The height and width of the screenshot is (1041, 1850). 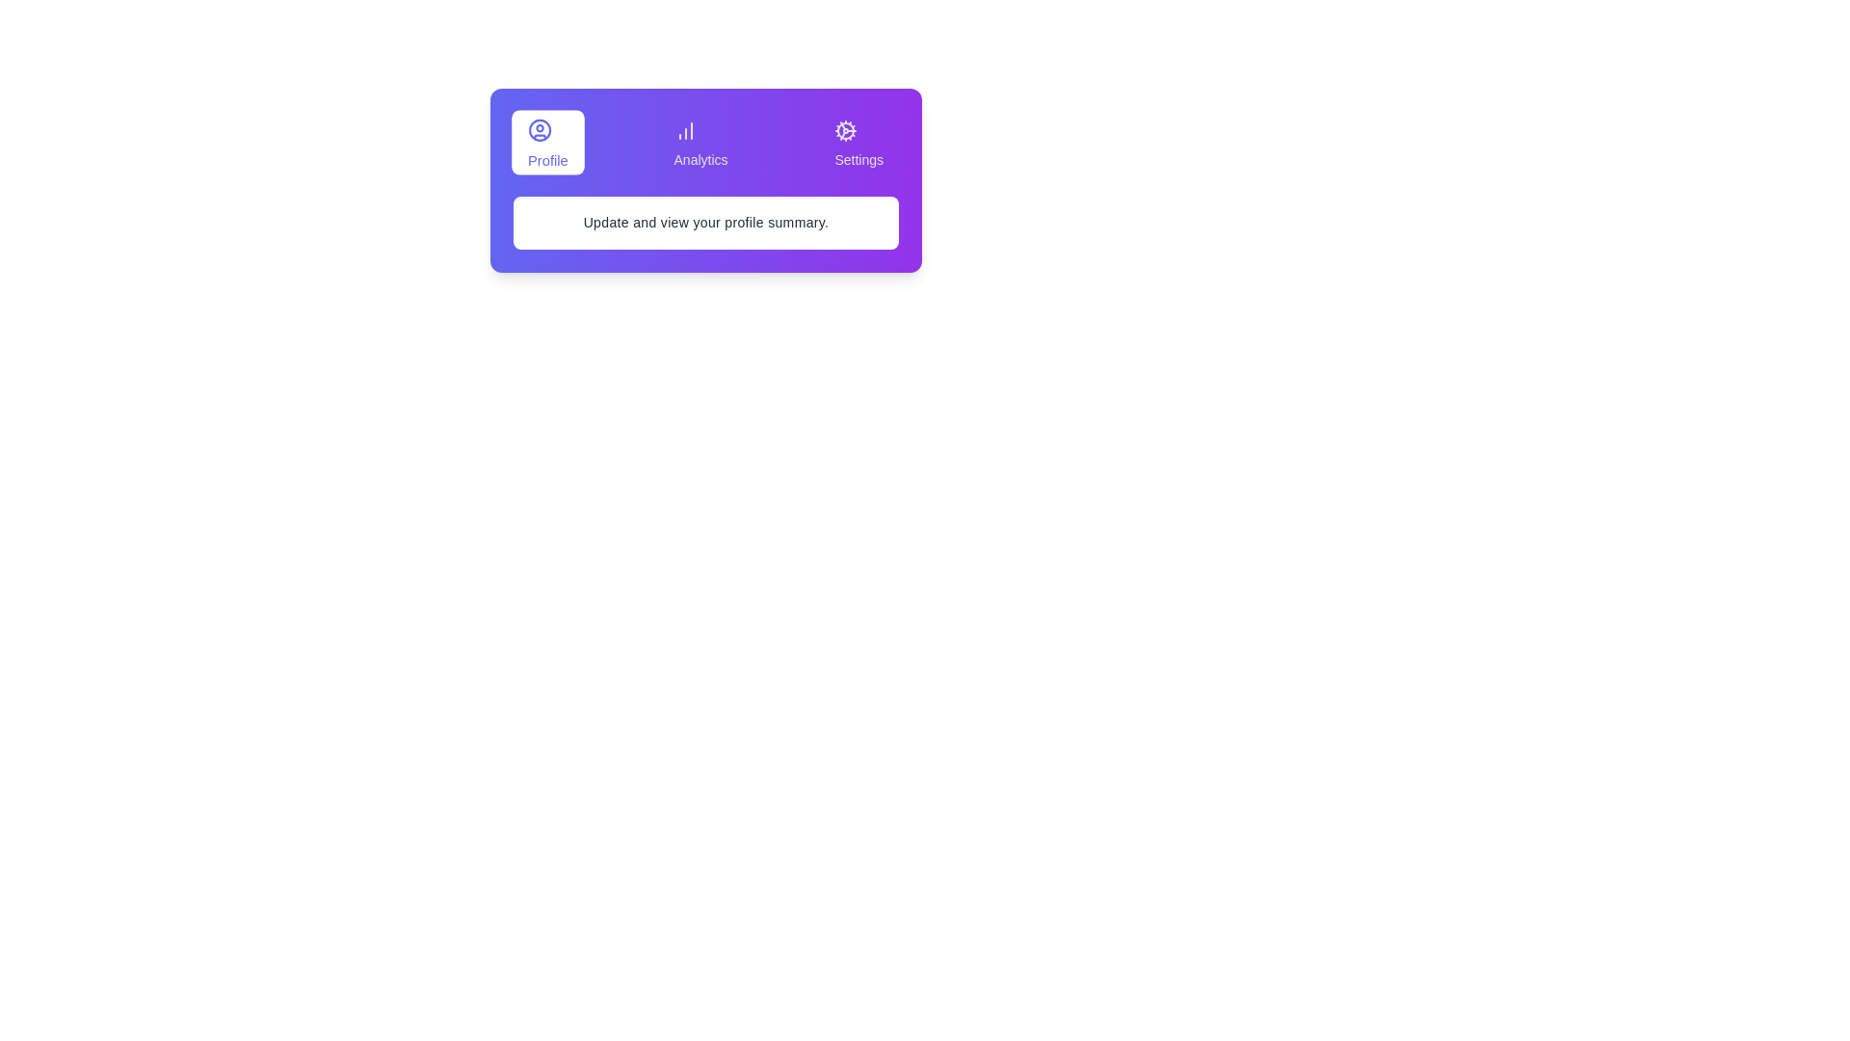 I want to click on the Analytics tab to display its content, so click(x=699, y=141).